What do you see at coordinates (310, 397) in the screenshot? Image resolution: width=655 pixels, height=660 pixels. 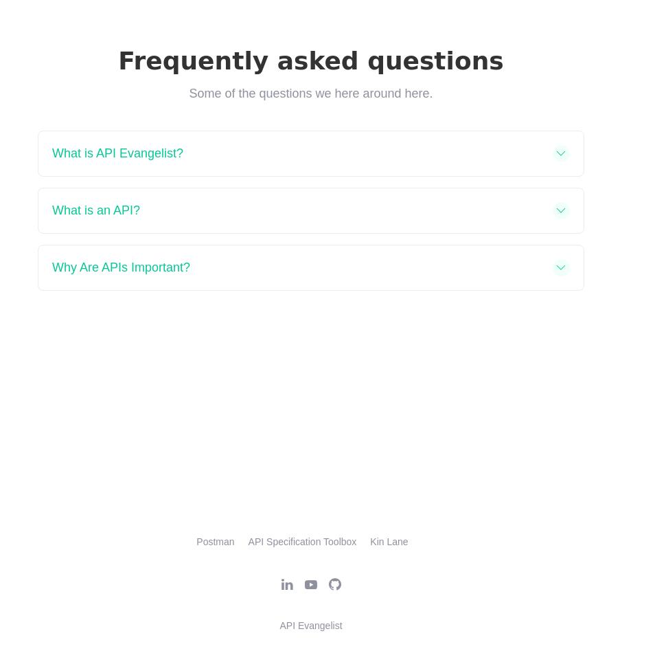 I see `'Feel free to reach out if you have any questions or thoughts.'` at bounding box center [310, 397].